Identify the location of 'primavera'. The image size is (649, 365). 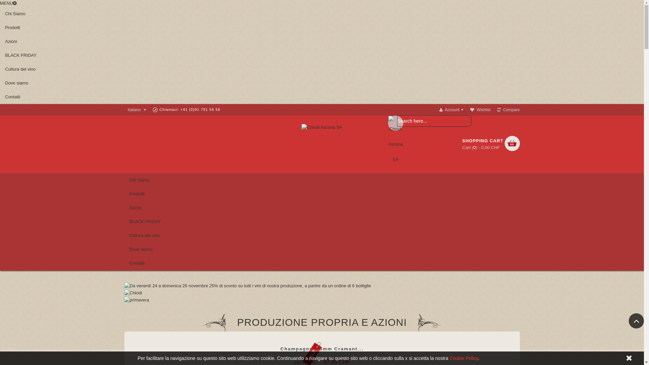
(136, 299).